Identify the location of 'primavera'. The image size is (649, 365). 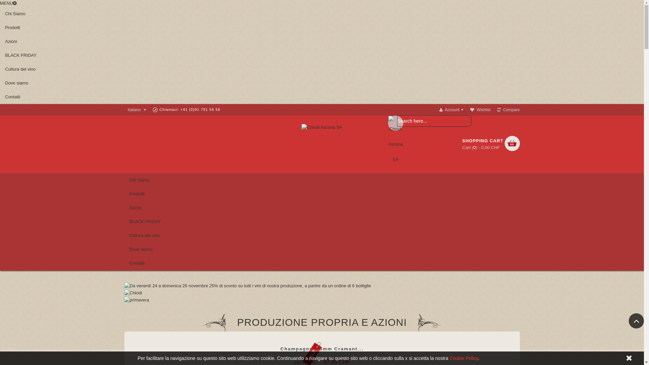
(136, 299).